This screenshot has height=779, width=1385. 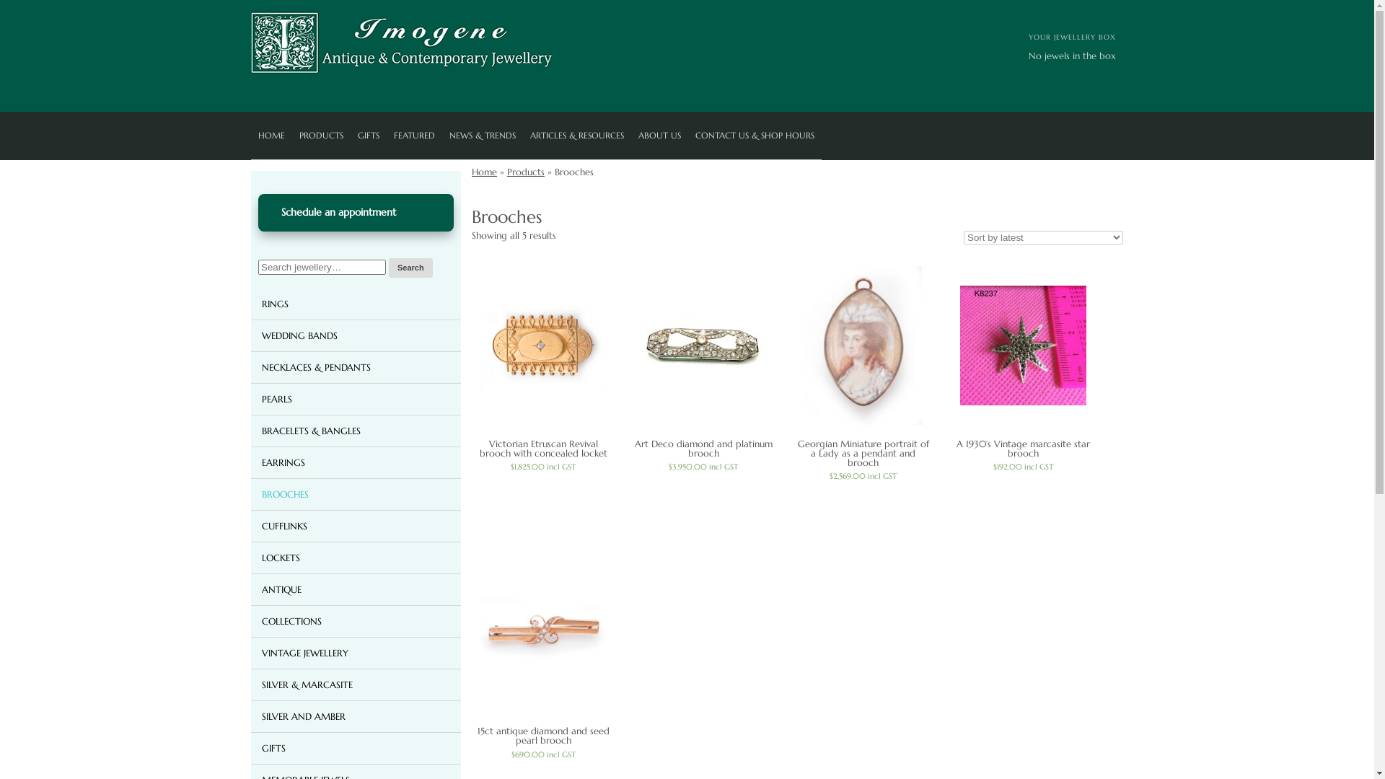 What do you see at coordinates (525, 171) in the screenshot?
I see `'Products'` at bounding box center [525, 171].